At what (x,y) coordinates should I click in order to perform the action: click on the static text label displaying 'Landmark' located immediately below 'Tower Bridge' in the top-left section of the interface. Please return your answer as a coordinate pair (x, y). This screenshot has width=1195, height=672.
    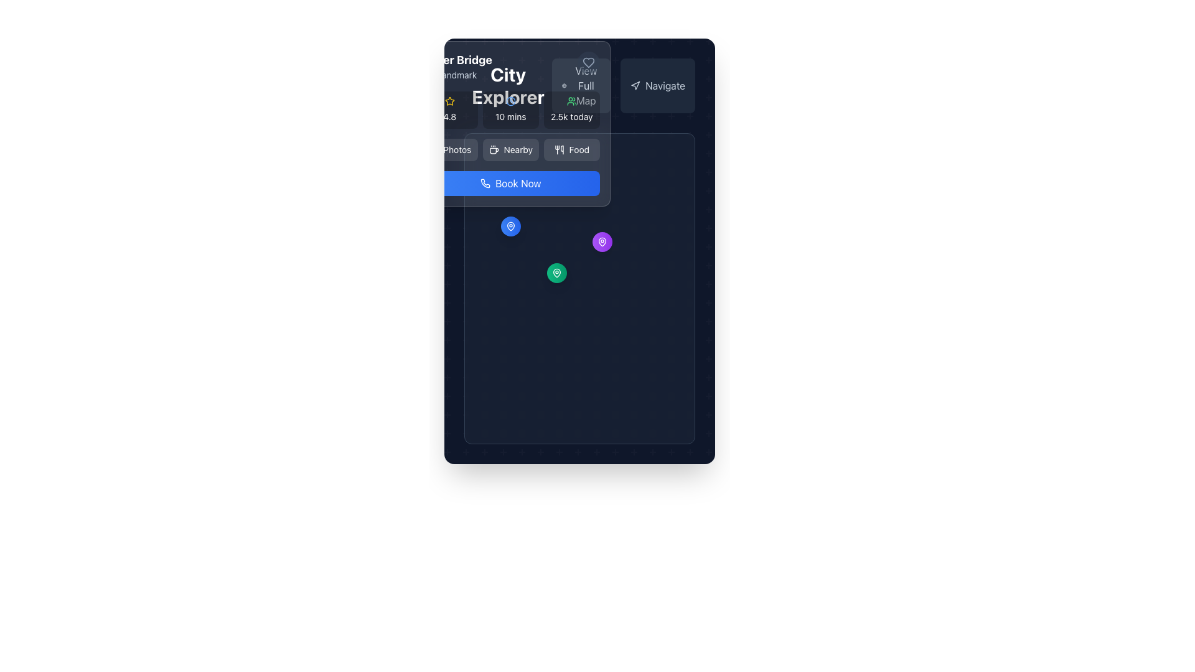
    Looking at the image, I should click on (456, 75).